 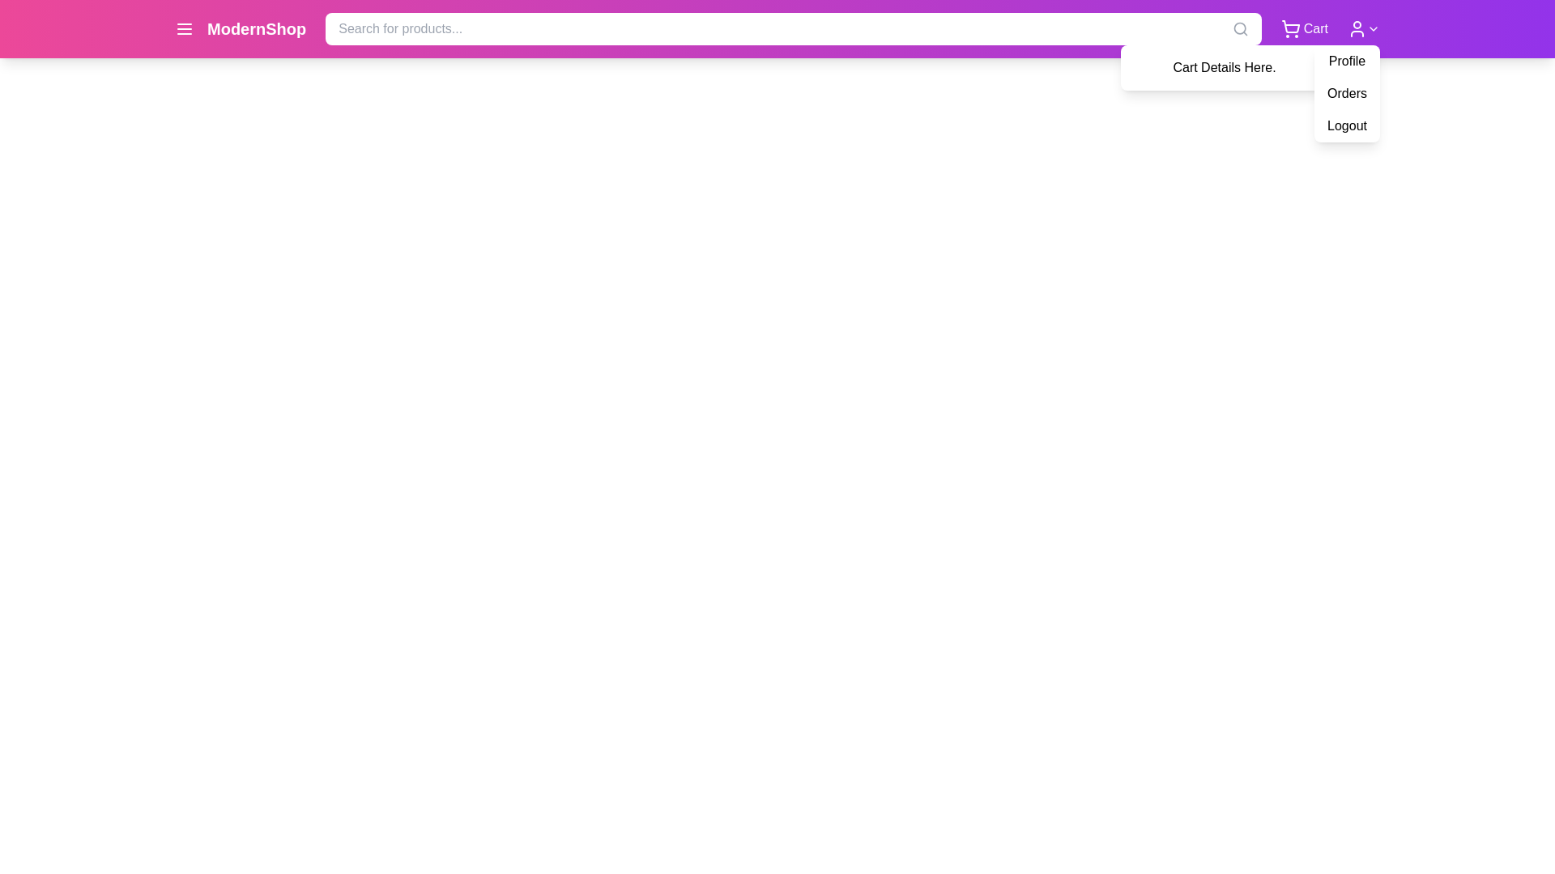 I want to click on the shopping cart icon and text located at the top-right corner of the navigation bar, so click(x=1304, y=28).